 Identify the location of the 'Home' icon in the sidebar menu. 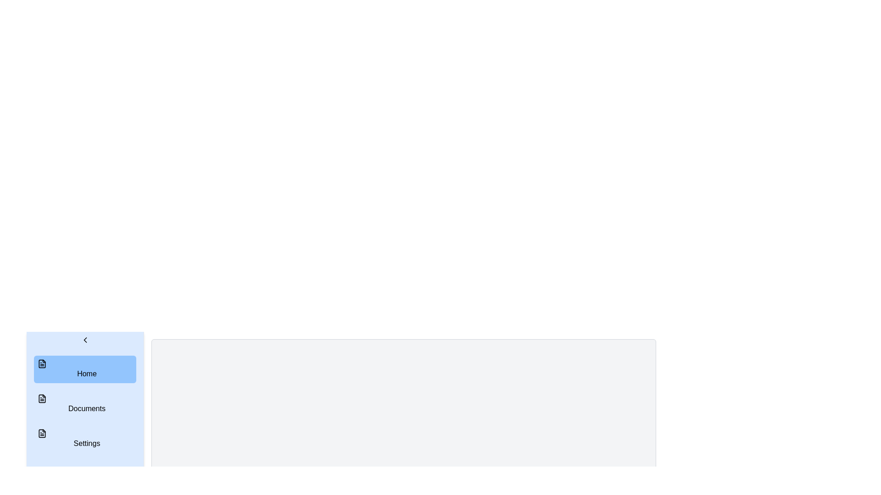
(41, 363).